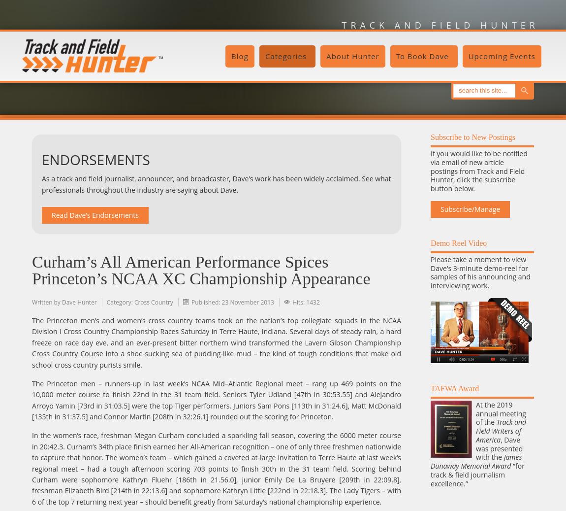  Describe the element at coordinates (440, 25) in the screenshot. I see `'TRACK AND FIELD HUNTER'` at that location.